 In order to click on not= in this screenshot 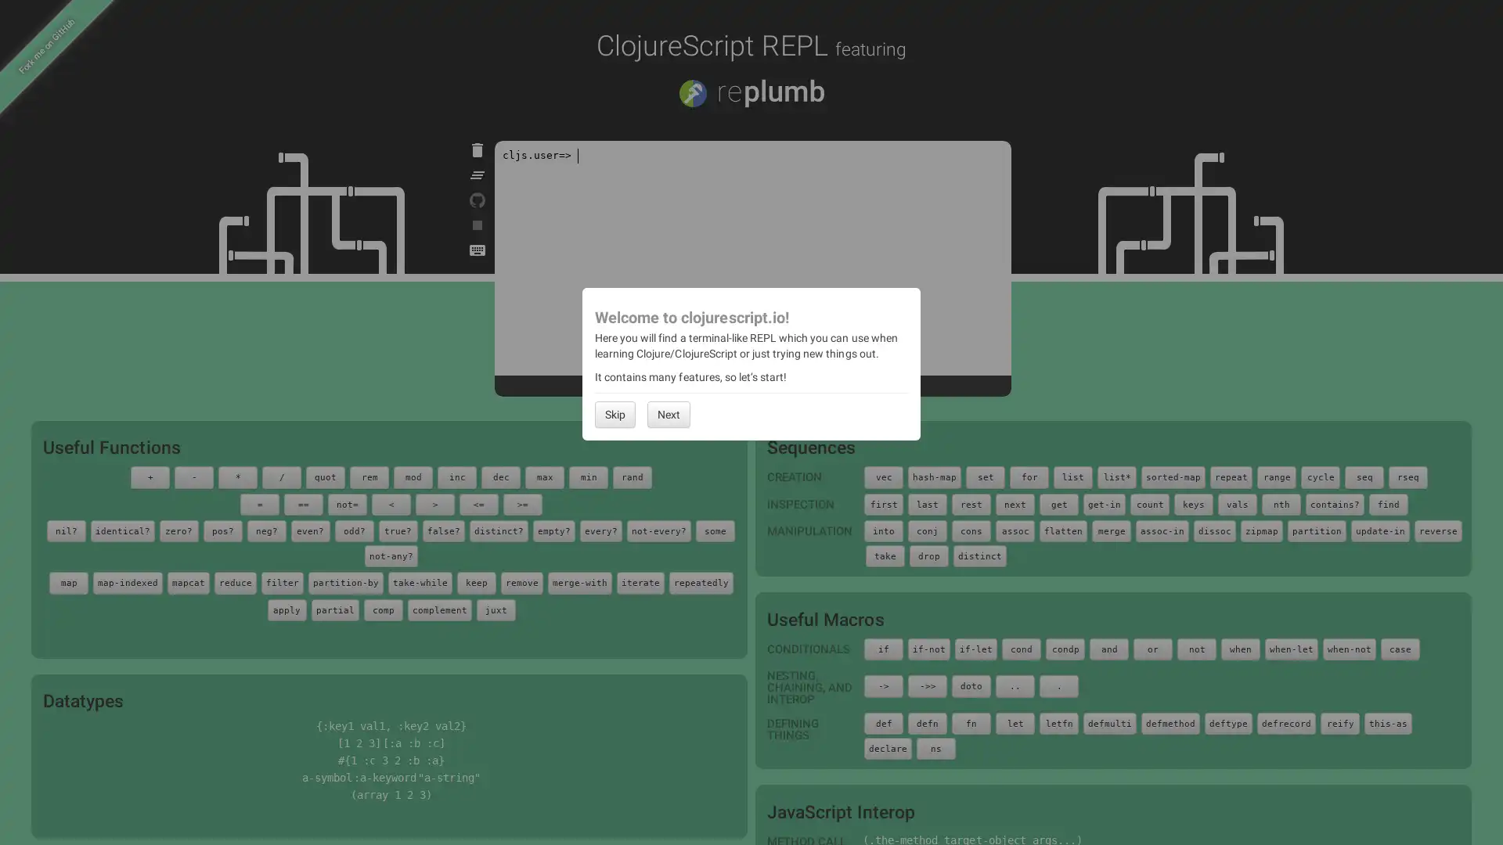, I will do `click(347, 504)`.